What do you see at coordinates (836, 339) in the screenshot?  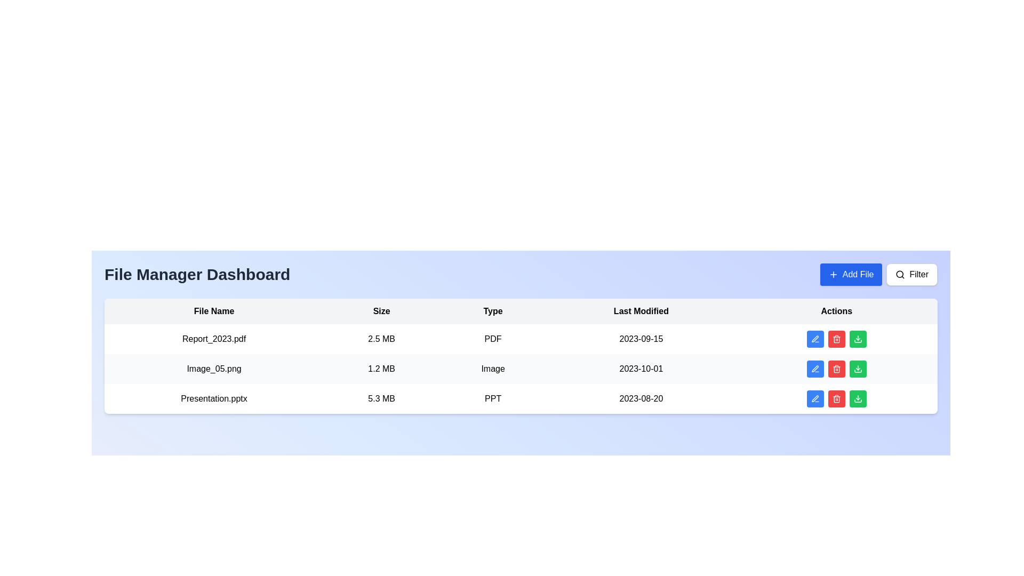 I see `the red circular delete button with a white trash can icon located in the 'Actions' column of the file manager dashboard interface to observe its CSS hover effects` at bounding box center [836, 339].